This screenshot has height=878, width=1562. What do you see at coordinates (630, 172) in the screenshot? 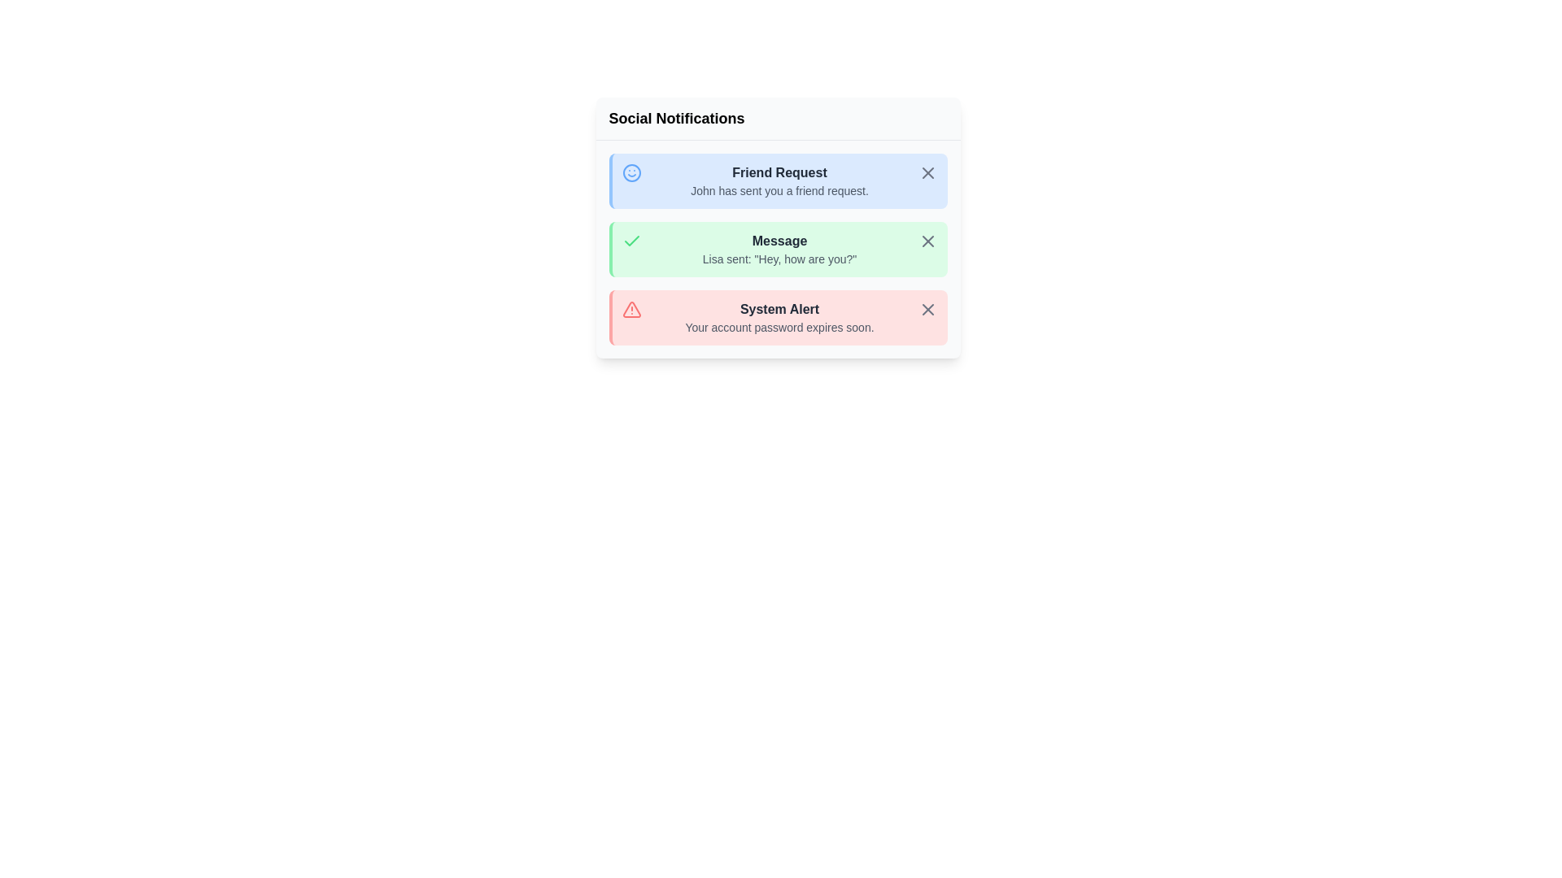
I see `the Decorative Icon located in the top-left corner of the first notification card, which has a light blue background and is adjacent to the text 'Friend Request' and 'John has sent you a friend request.'` at bounding box center [630, 172].